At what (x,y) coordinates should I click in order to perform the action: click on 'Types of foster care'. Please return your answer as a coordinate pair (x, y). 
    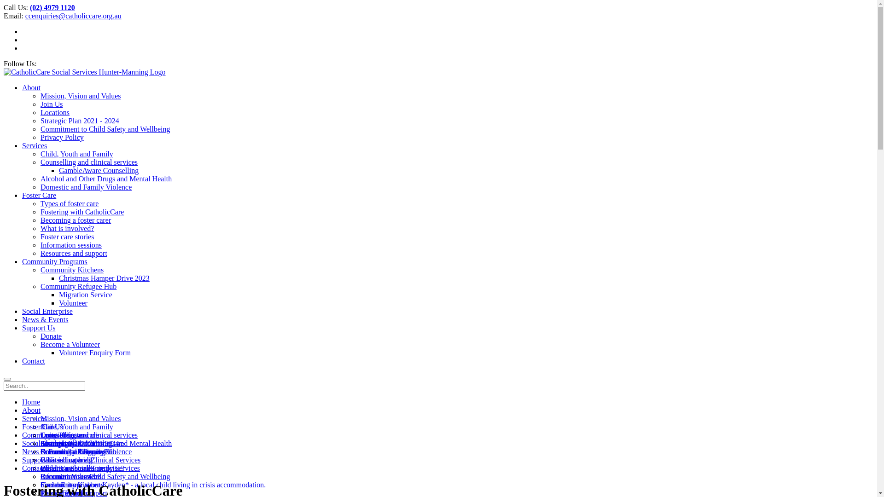
    Looking at the image, I should click on (69, 203).